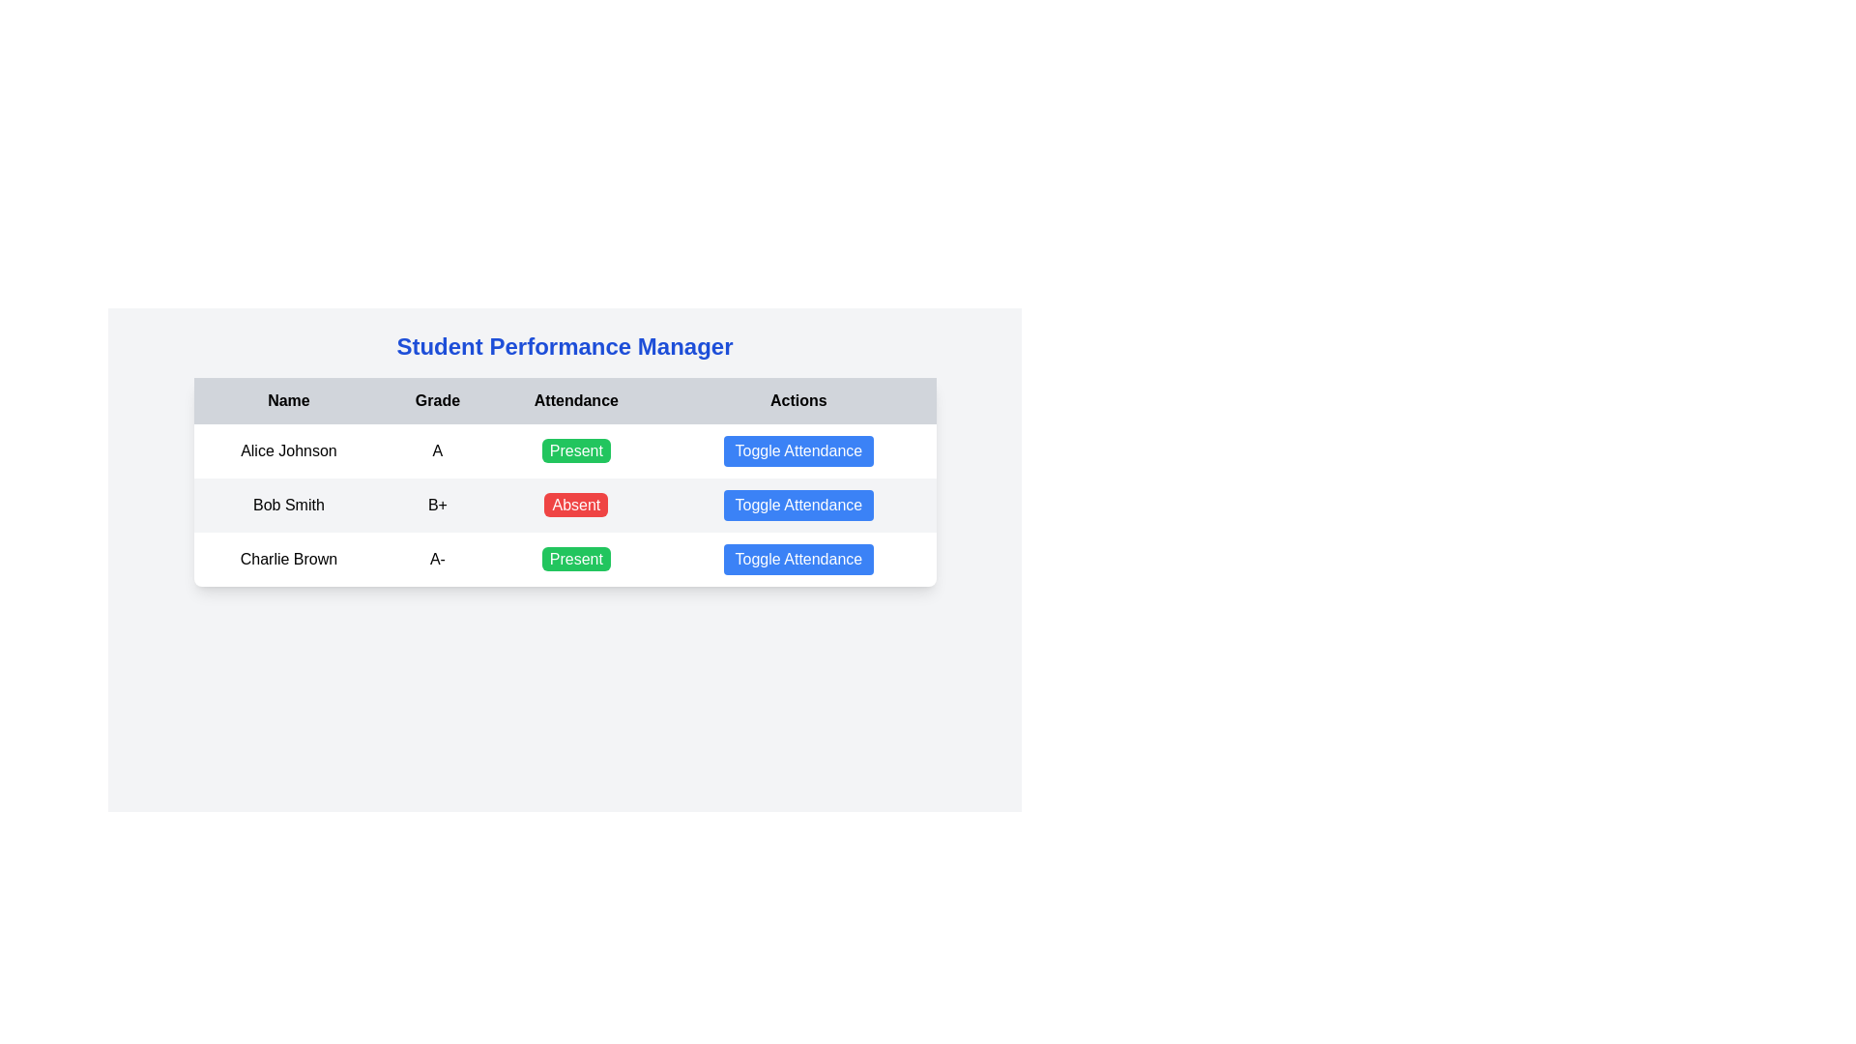 This screenshot has height=1044, width=1856. I want to click on the 'Toggle Attendance' button with a blue background and white text in the 'Actions' column for 'Charlie Brown', so click(798, 559).